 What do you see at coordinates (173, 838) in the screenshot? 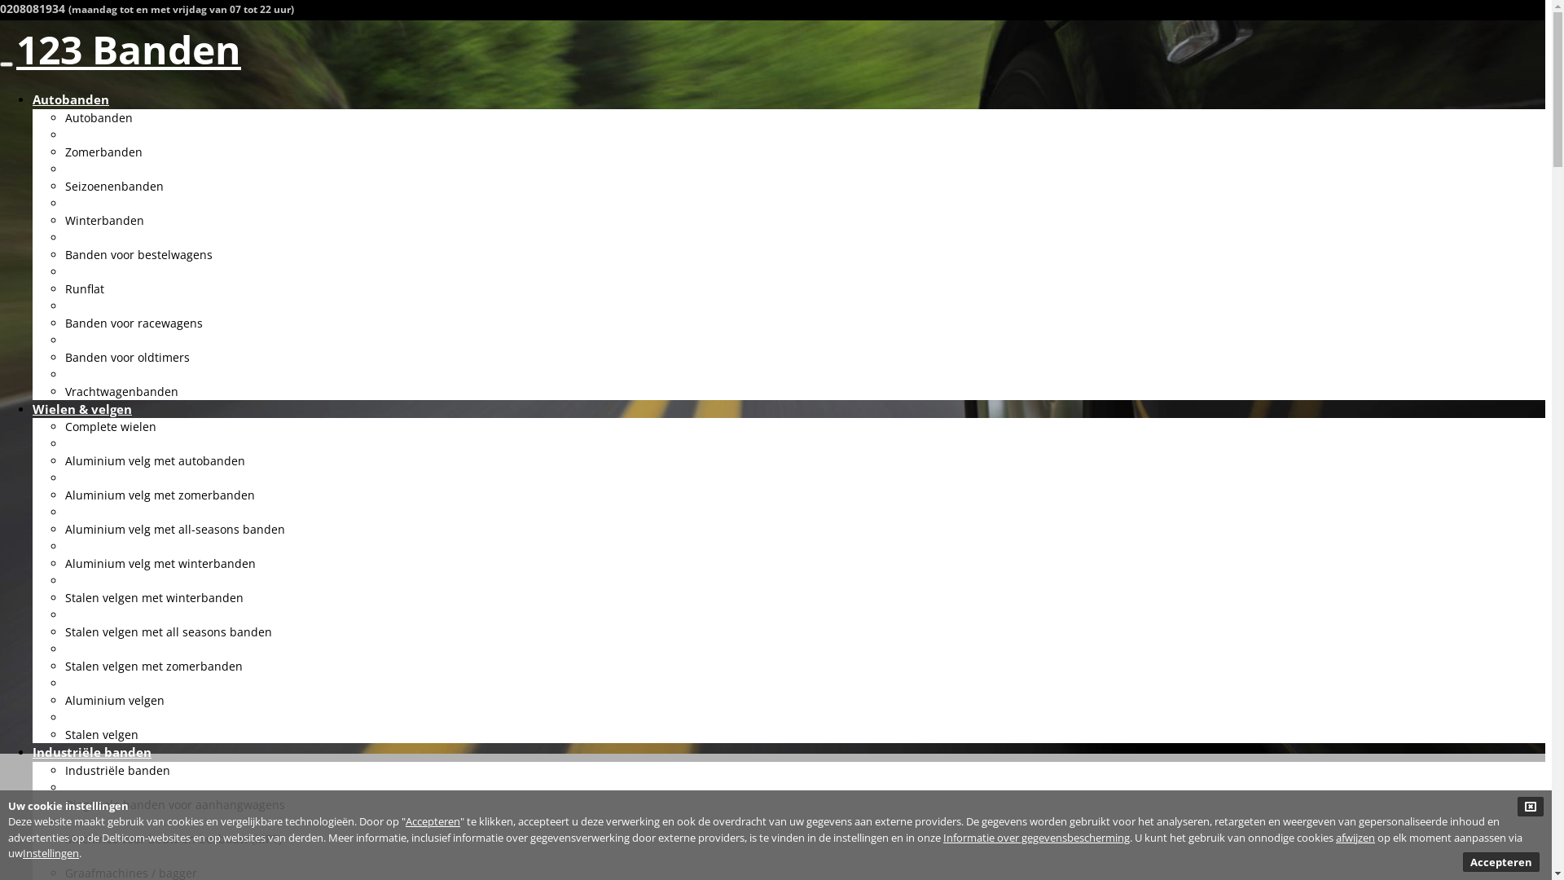
I see `'Machines voor bouw en bosbouw (MPT)'` at bounding box center [173, 838].